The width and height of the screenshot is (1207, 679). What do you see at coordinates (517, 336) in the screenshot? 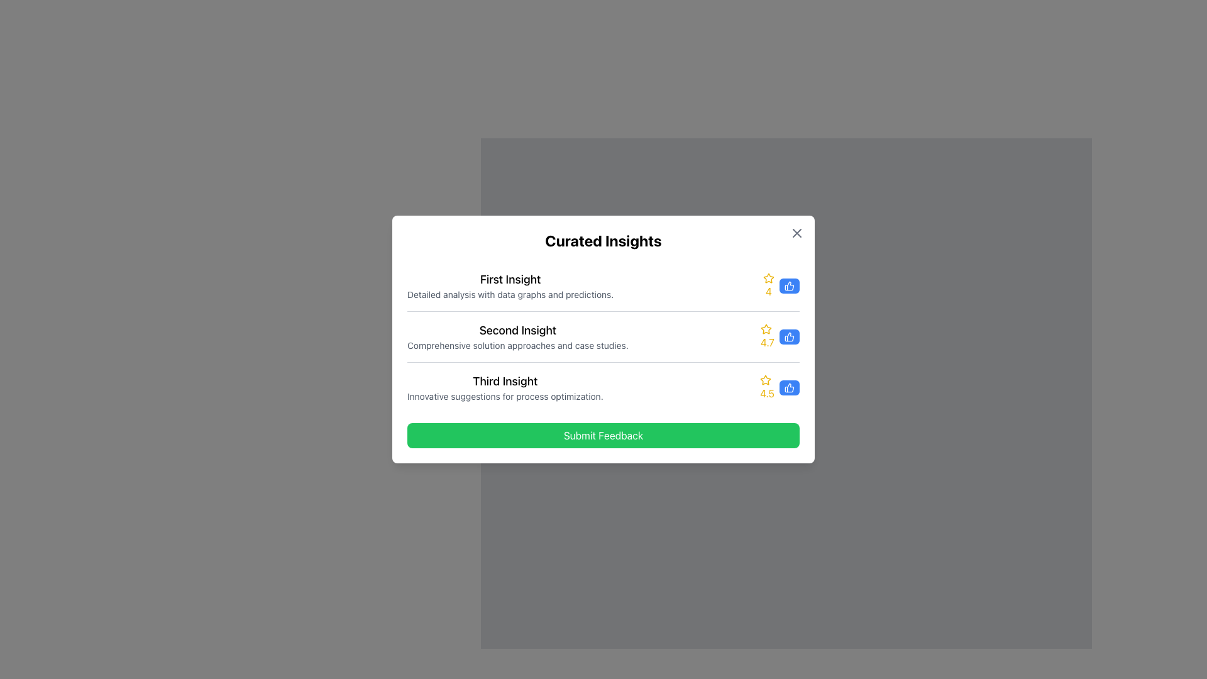
I see `the 'Second Insight' text display, which consists of the title 'Second Insight' in bold and a description in smaller gray text, located in the white modal box as the second entry in the 'Curated Insights' list` at bounding box center [517, 336].